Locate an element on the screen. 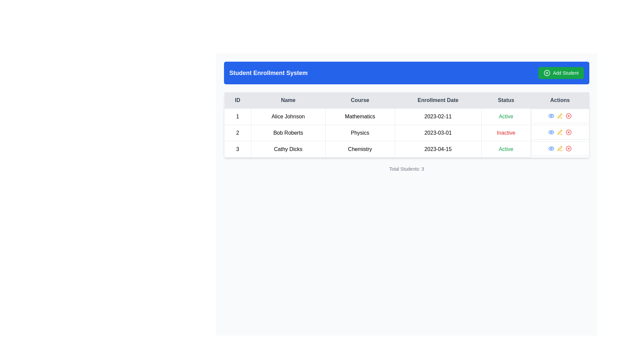 Image resolution: width=640 pixels, height=360 pixels. the 'Name' label in the second column of the table header, which has a light gray background and is located between the 'ID' and 'Course' columns is located at coordinates (288, 100).